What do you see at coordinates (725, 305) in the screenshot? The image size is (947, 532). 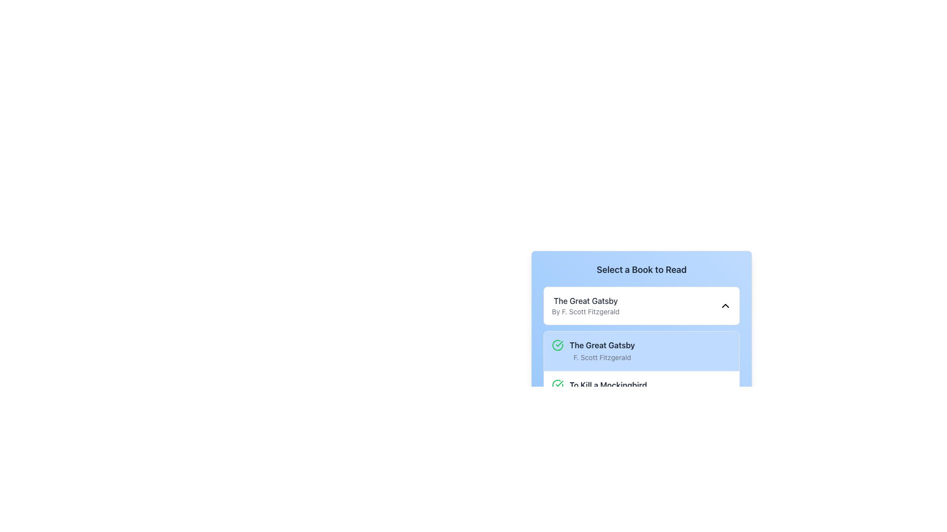 I see `the upward-pointing chevron icon with a black stroke, located at the far right of the card containing the text 'The Great Gatsby By F. Scott Fitzgerald'` at bounding box center [725, 305].